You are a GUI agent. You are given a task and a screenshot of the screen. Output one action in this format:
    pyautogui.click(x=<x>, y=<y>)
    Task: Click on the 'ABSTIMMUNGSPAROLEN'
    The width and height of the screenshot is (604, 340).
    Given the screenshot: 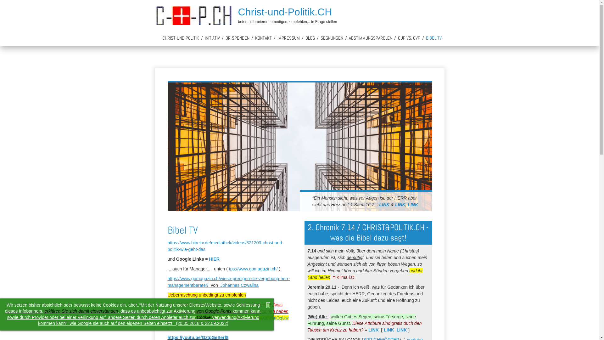 What is the action you would take?
    pyautogui.click(x=347, y=38)
    